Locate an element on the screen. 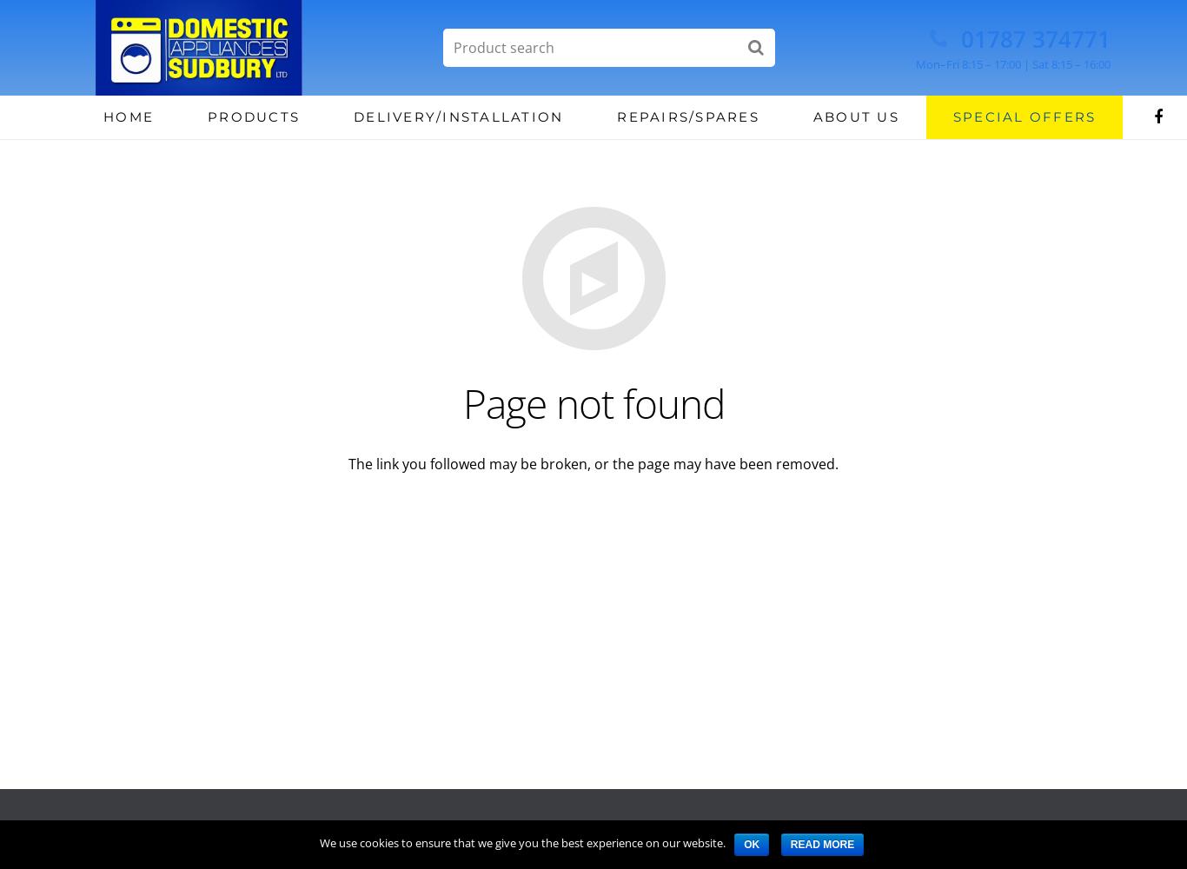 The height and width of the screenshot is (869, 1187). 'Terms' is located at coordinates (768, 828).